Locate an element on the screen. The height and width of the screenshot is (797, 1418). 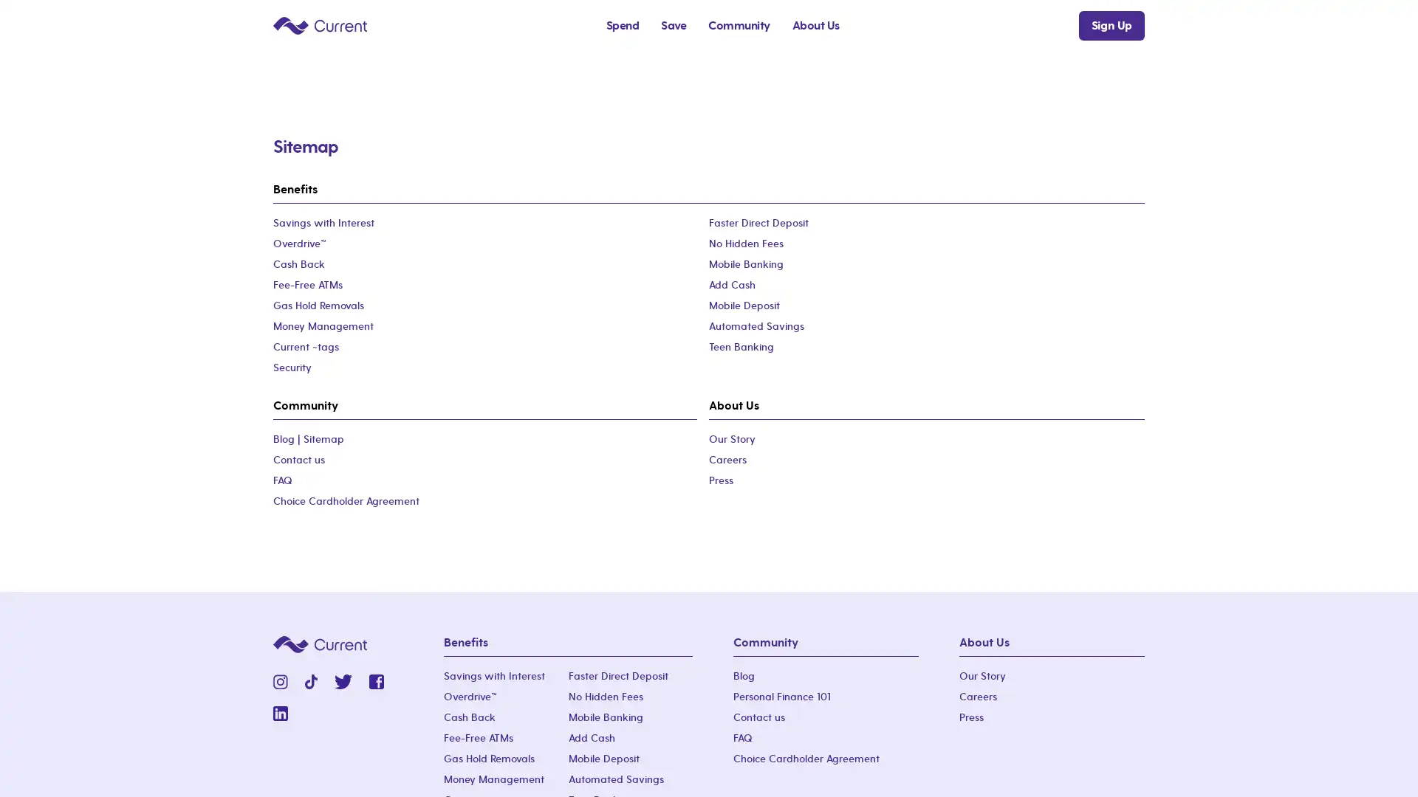
OverdriveTM is located at coordinates (470, 697).